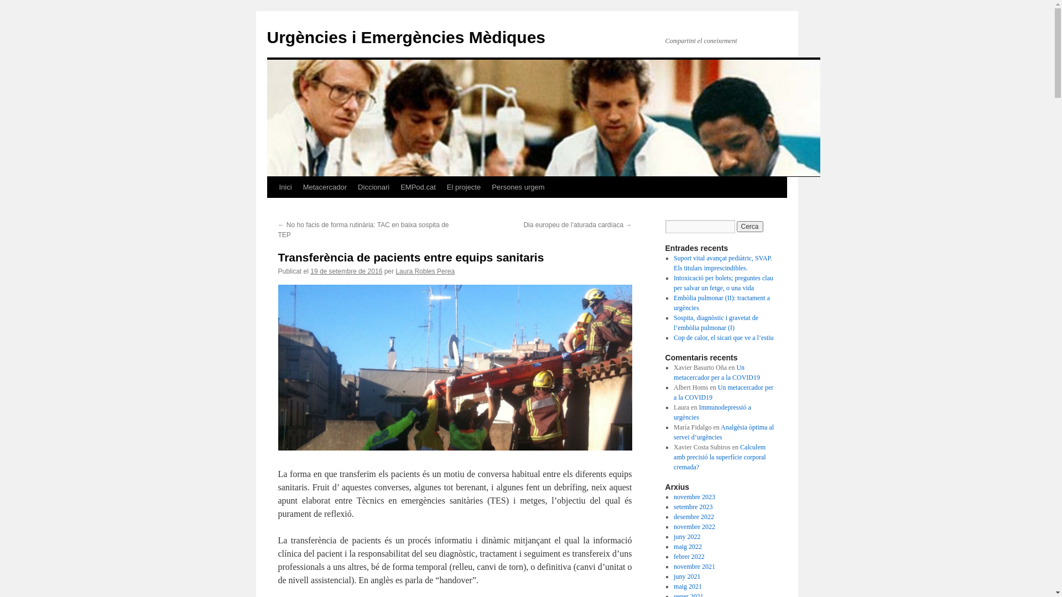  What do you see at coordinates (345, 271) in the screenshot?
I see `'19 de setembre de 2016'` at bounding box center [345, 271].